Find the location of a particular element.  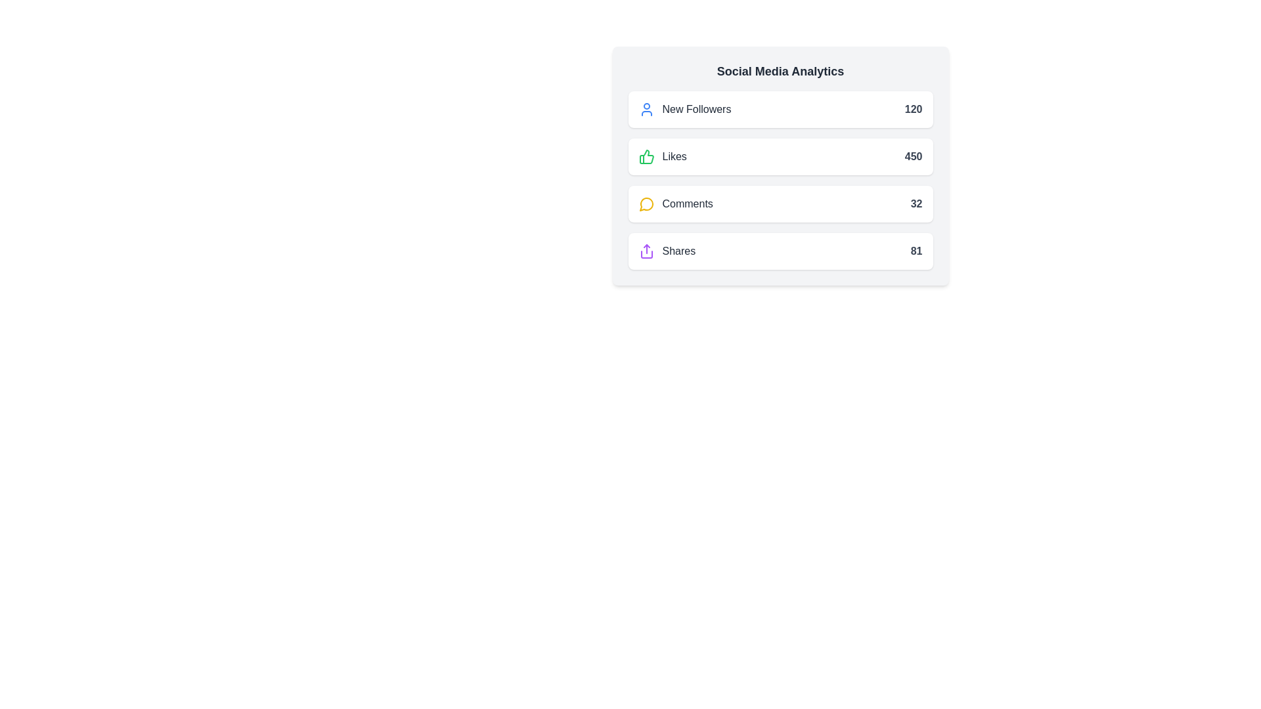

numerical value '81' displayed in bold gray font next to the 'Shares' label in the 'Shares' row of the 'Social Media Analytics' card is located at coordinates (916, 251).